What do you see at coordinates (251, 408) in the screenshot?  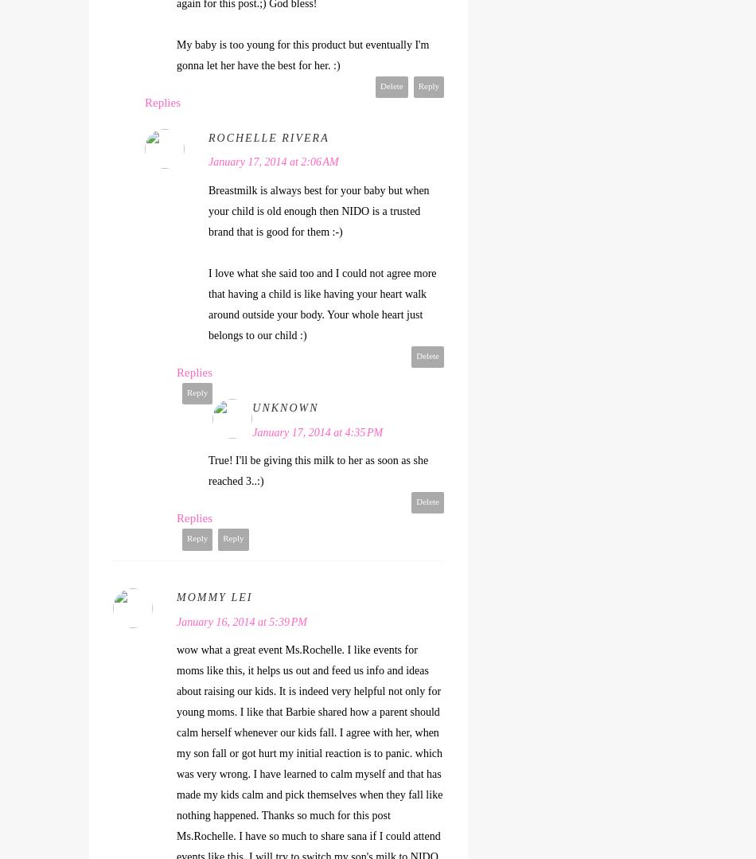 I see `'Unknown'` at bounding box center [251, 408].